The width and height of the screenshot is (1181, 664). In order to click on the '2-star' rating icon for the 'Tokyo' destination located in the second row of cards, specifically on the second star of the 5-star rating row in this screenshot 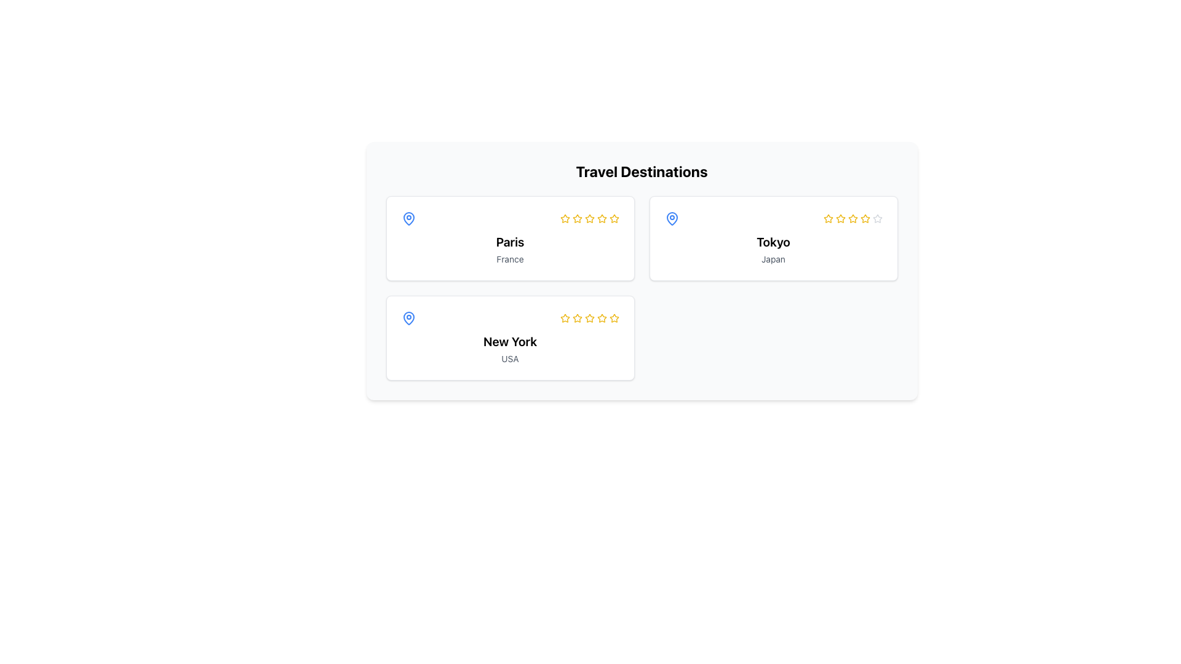, I will do `click(840, 218)`.